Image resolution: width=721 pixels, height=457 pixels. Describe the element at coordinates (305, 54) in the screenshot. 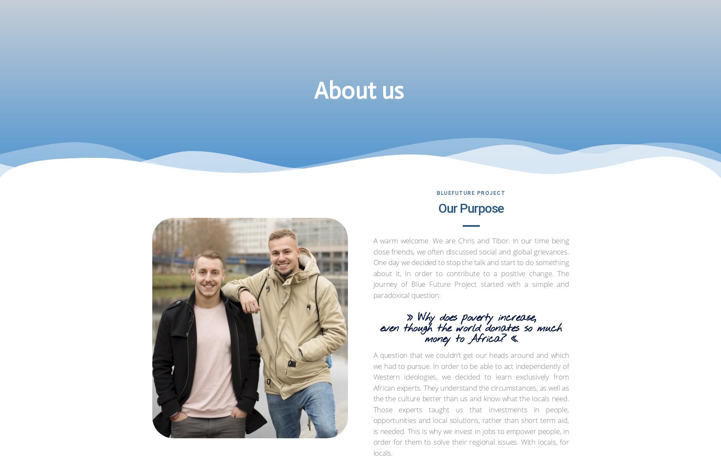

I see `'Voluntary supporters'` at that location.